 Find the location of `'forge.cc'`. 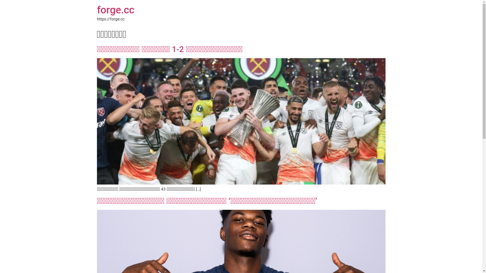

'forge.cc' is located at coordinates (115, 10).